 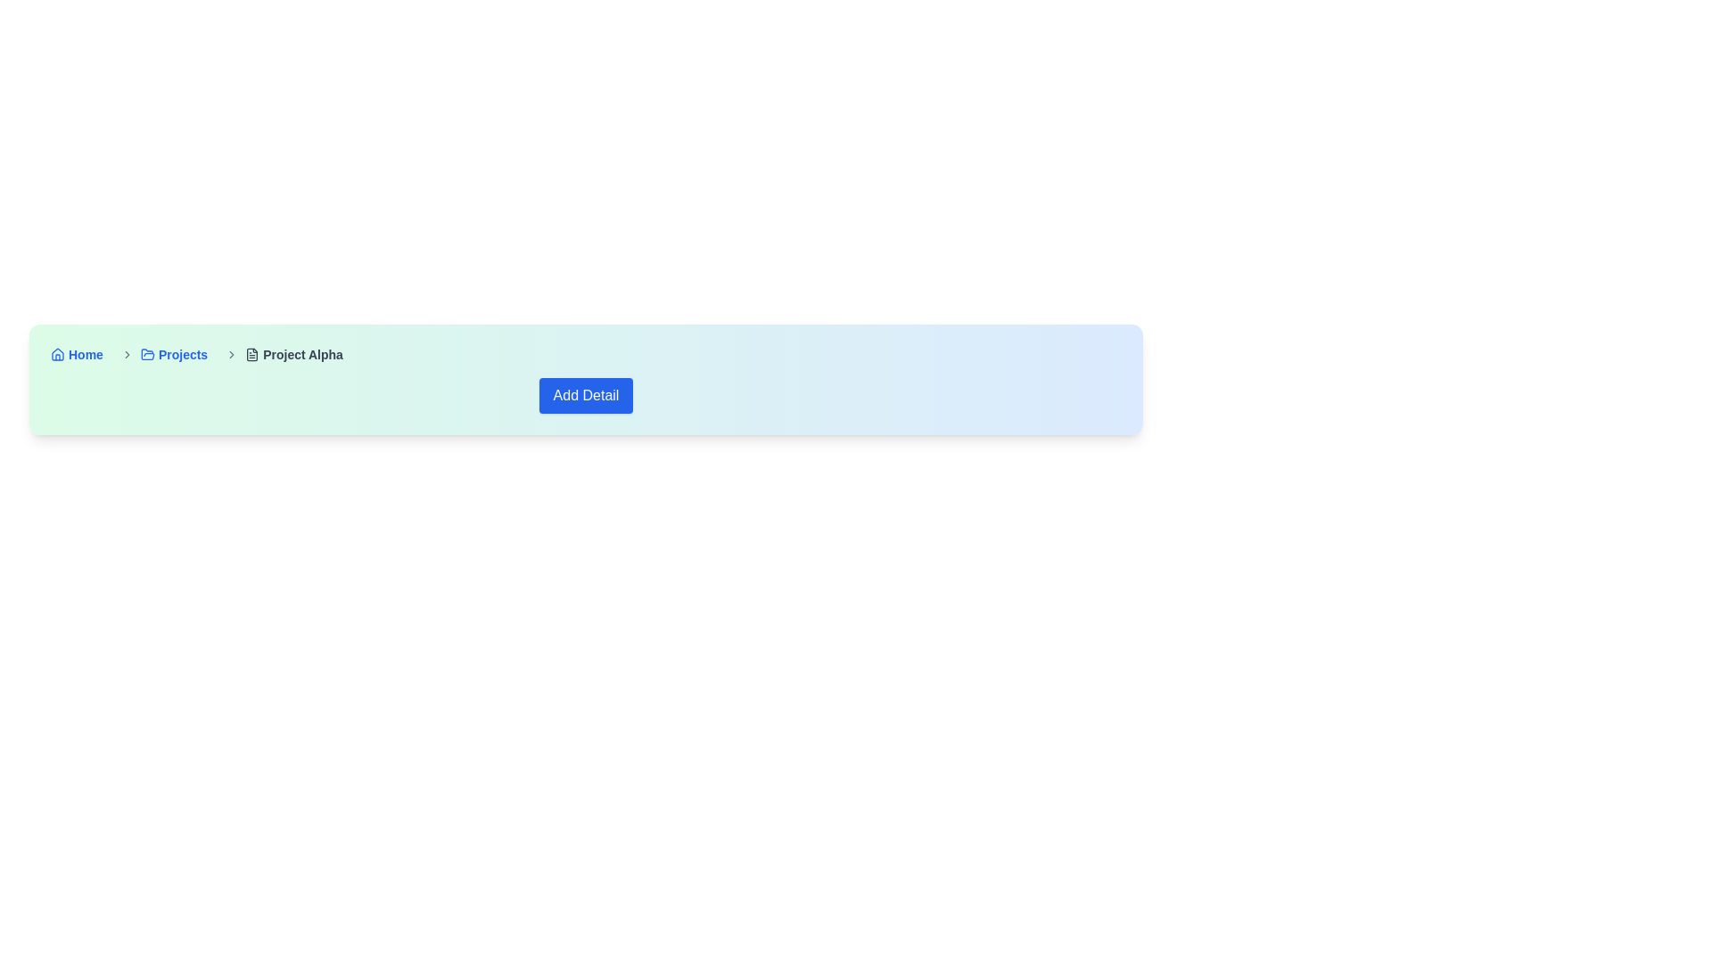 I want to click on the 'Home' clickable text link with an icon, which is the first item in the breadcrumb navigation bar, to underline the text, so click(x=76, y=354).